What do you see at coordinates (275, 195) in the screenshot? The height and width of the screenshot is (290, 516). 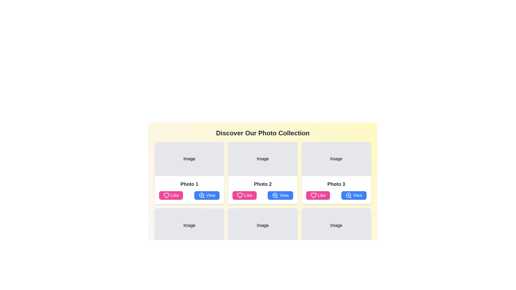 I see `the zoom-in icon located within the 'View' button of the second item in the grid under 'Discover Our Photo Collection'` at bounding box center [275, 195].